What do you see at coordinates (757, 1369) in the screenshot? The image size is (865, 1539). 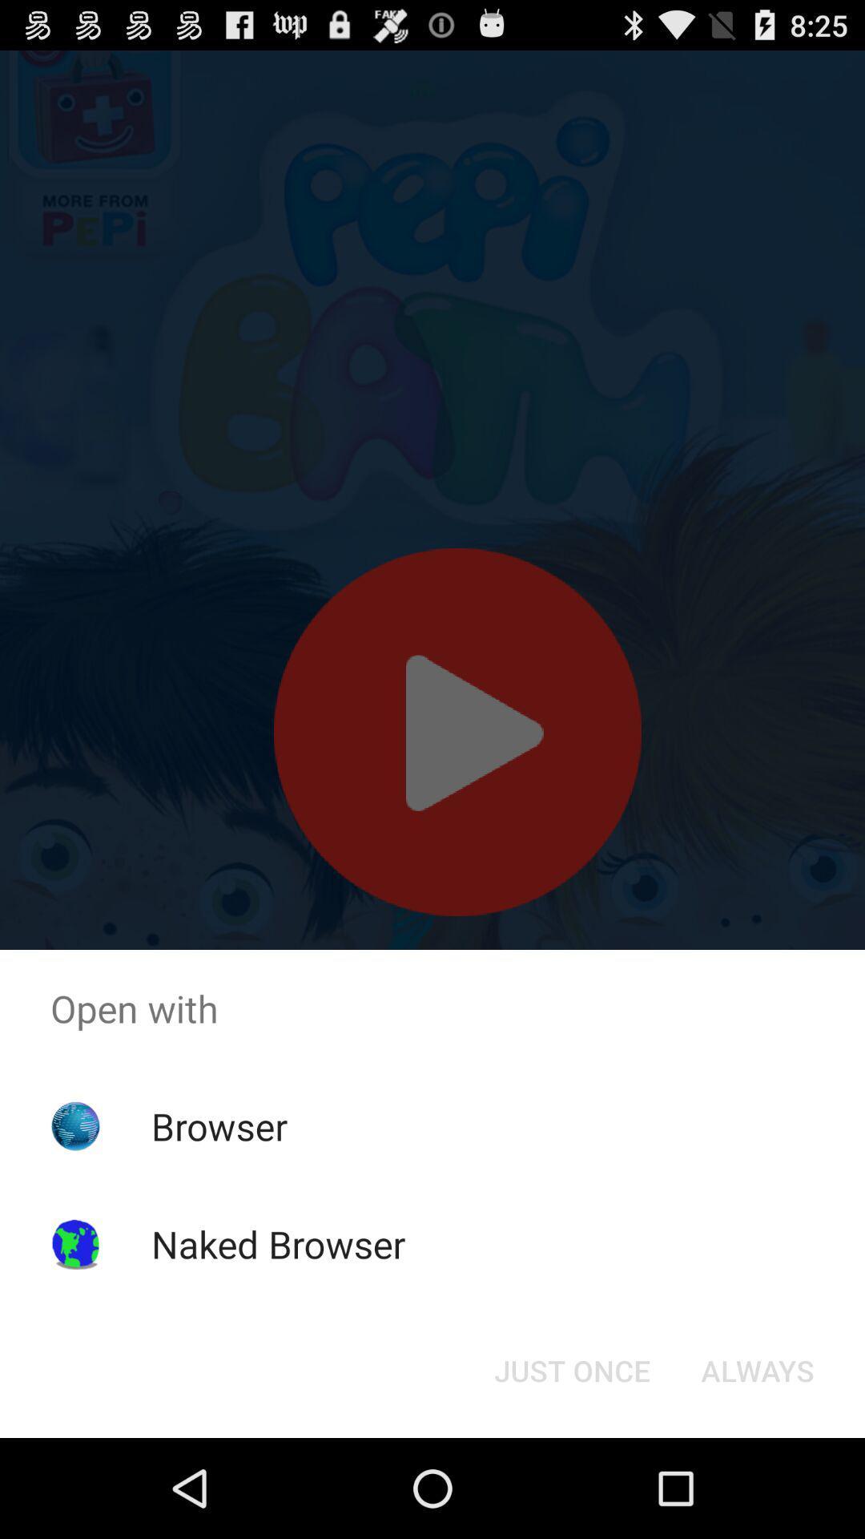 I see `item next to just once` at bounding box center [757, 1369].